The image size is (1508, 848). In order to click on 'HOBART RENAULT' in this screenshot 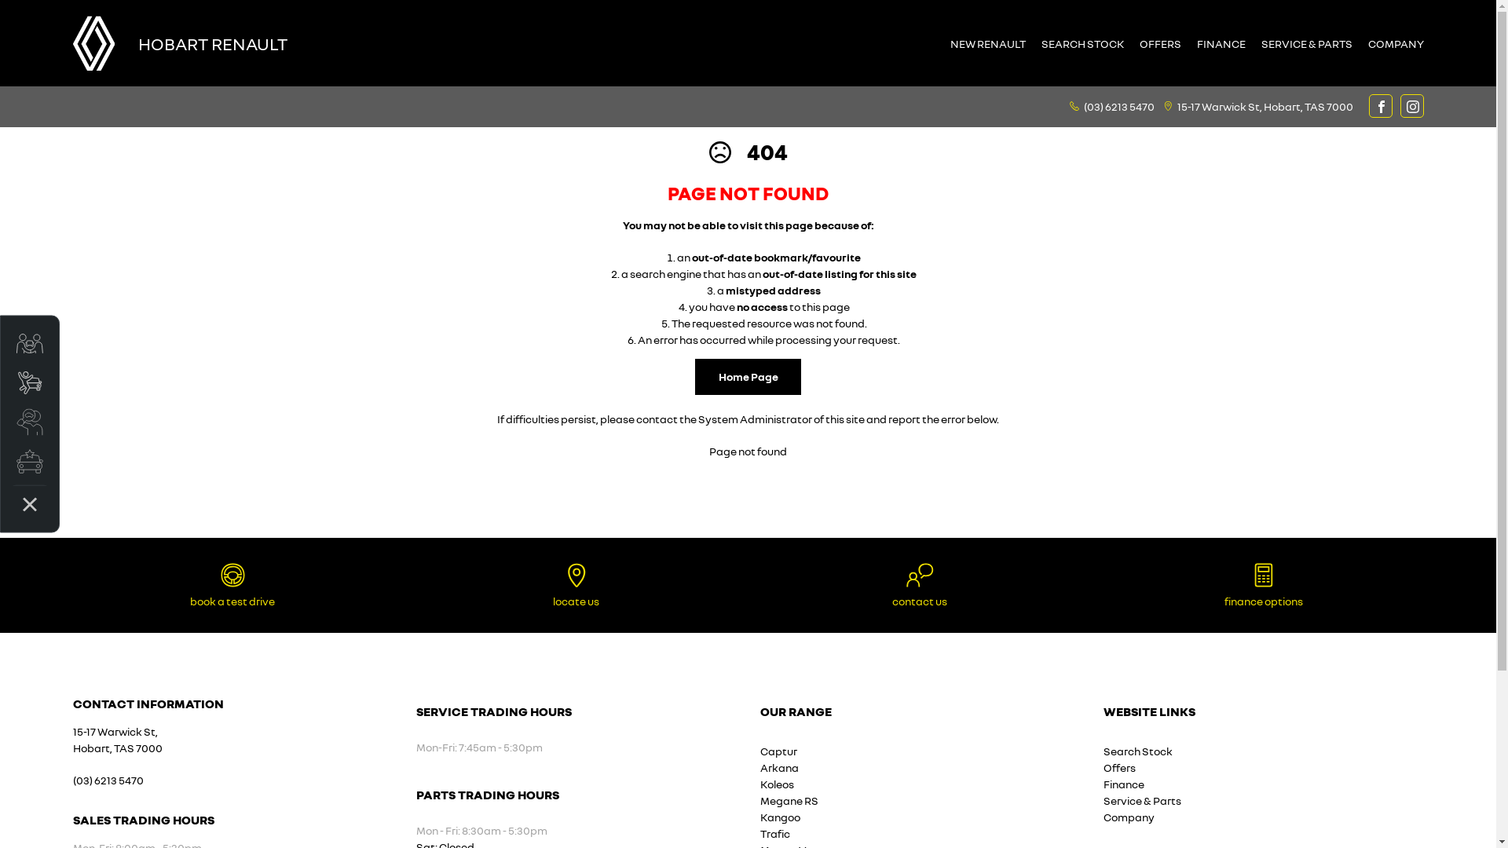, I will do `click(138, 42)`.